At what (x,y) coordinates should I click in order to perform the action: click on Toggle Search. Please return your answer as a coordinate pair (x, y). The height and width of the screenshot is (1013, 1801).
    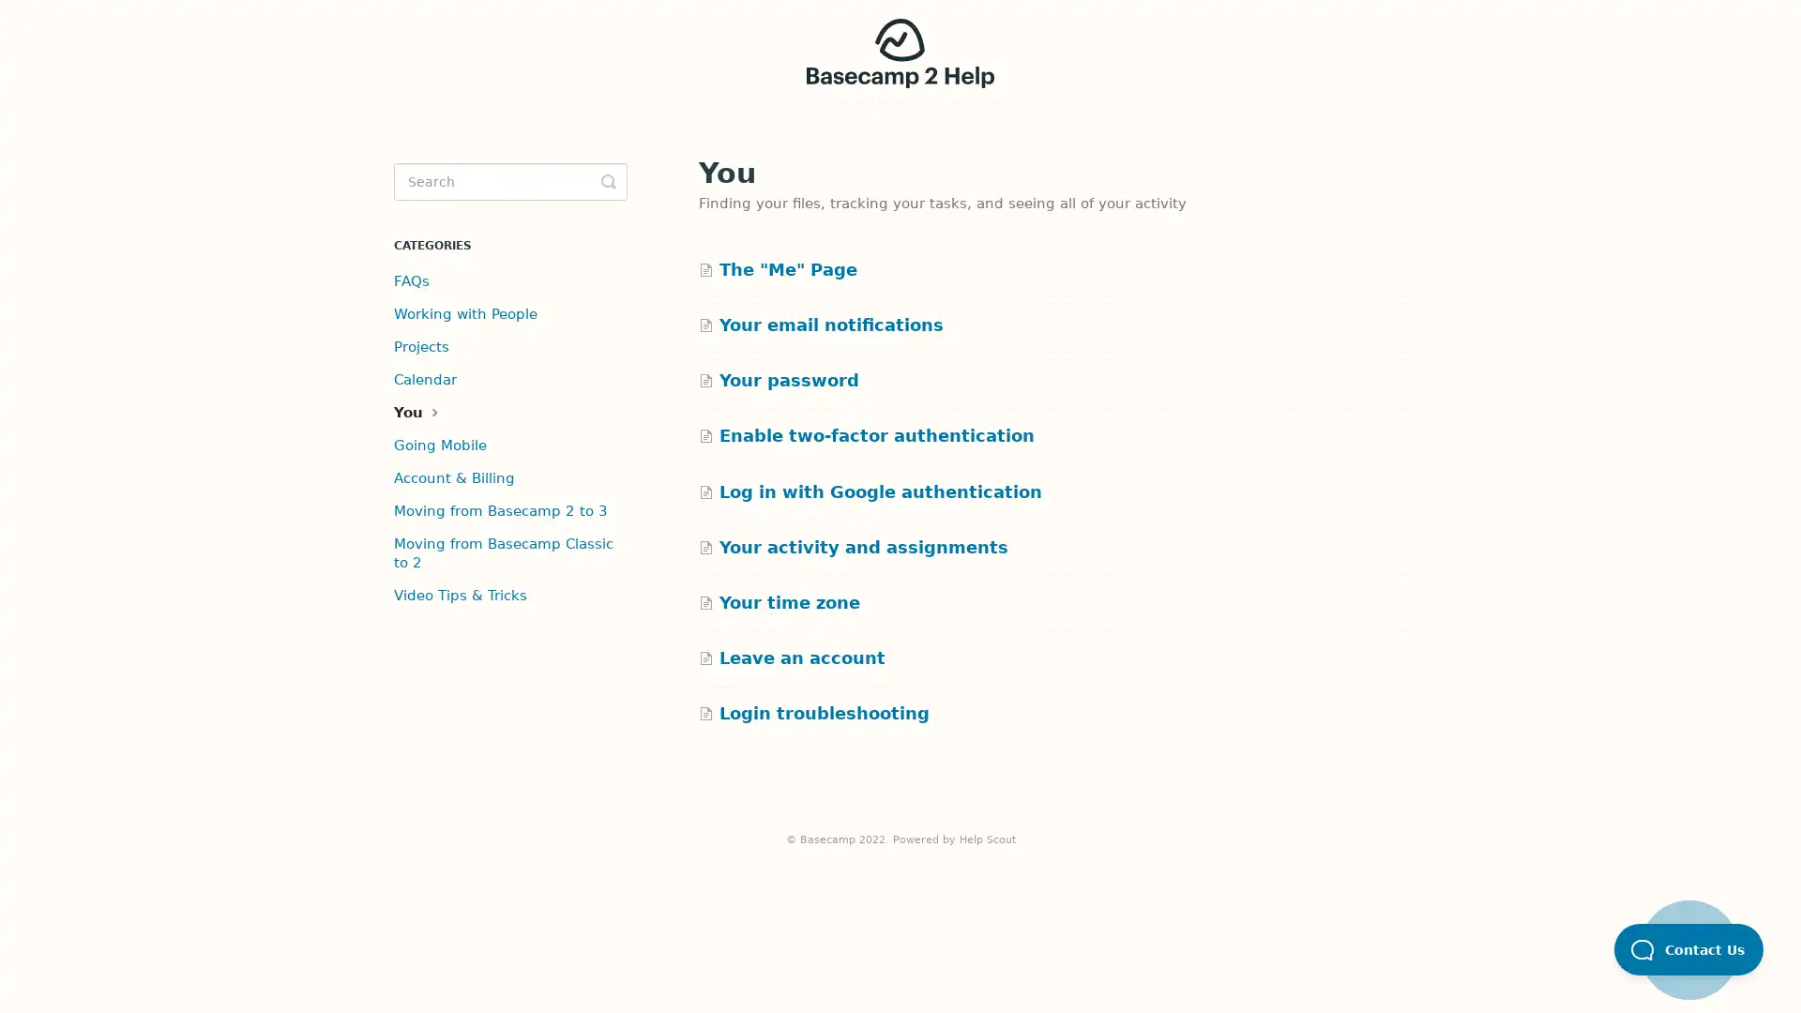
    Looking at the image, I should click on (608, 181).